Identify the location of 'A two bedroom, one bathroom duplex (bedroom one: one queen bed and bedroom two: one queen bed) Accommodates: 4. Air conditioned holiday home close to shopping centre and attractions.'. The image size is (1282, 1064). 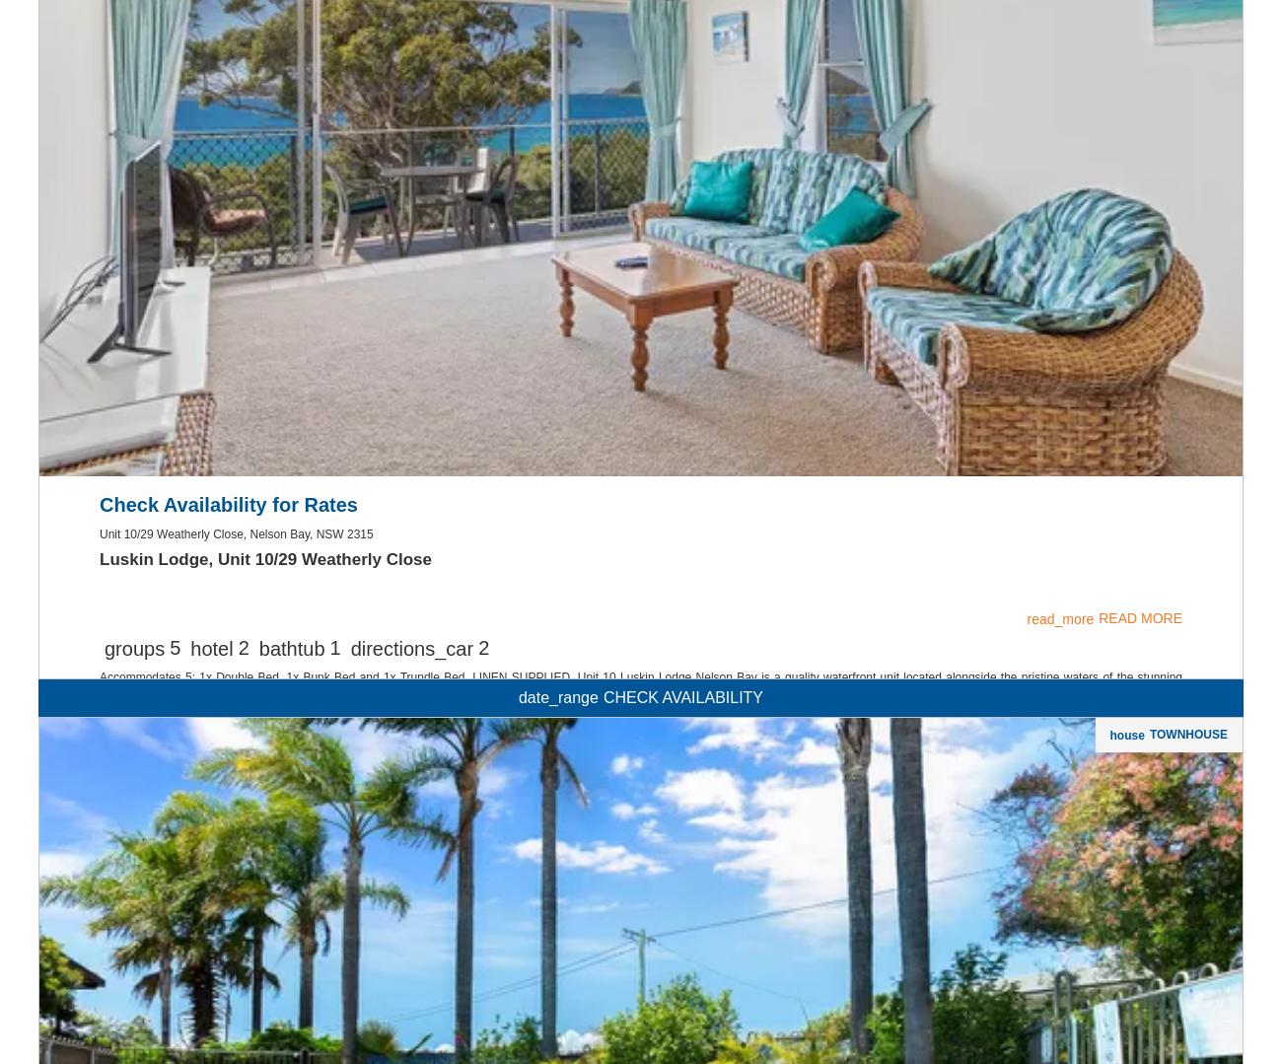
(606, 931).